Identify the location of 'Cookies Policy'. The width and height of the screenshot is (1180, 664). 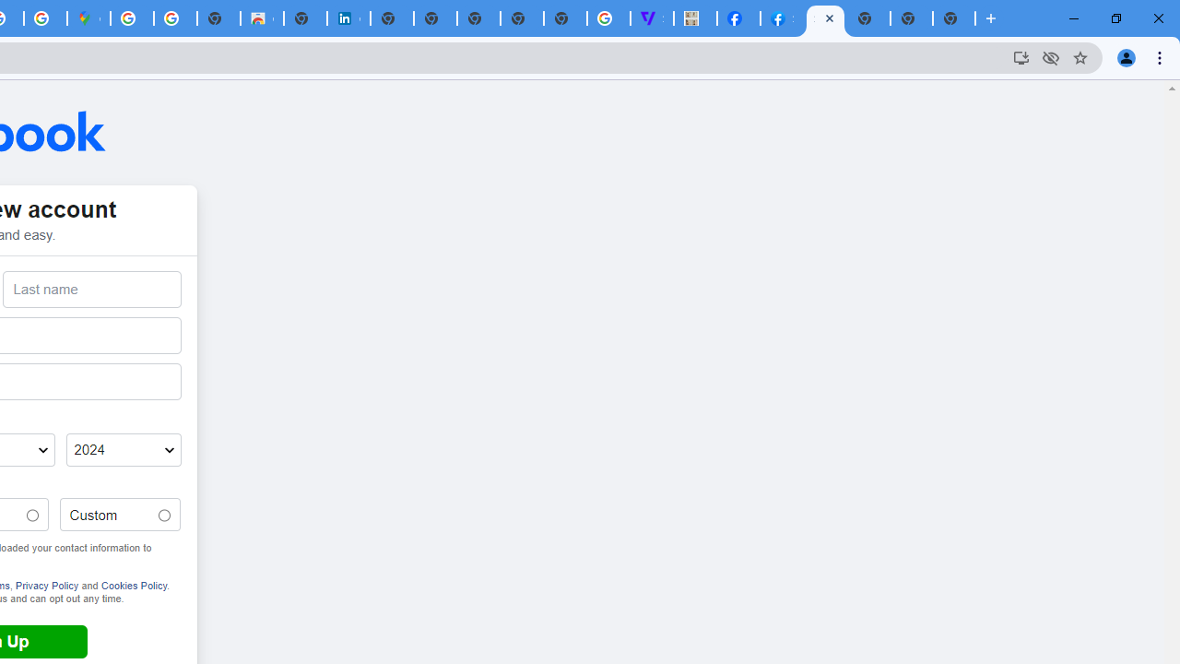
(133, 585).